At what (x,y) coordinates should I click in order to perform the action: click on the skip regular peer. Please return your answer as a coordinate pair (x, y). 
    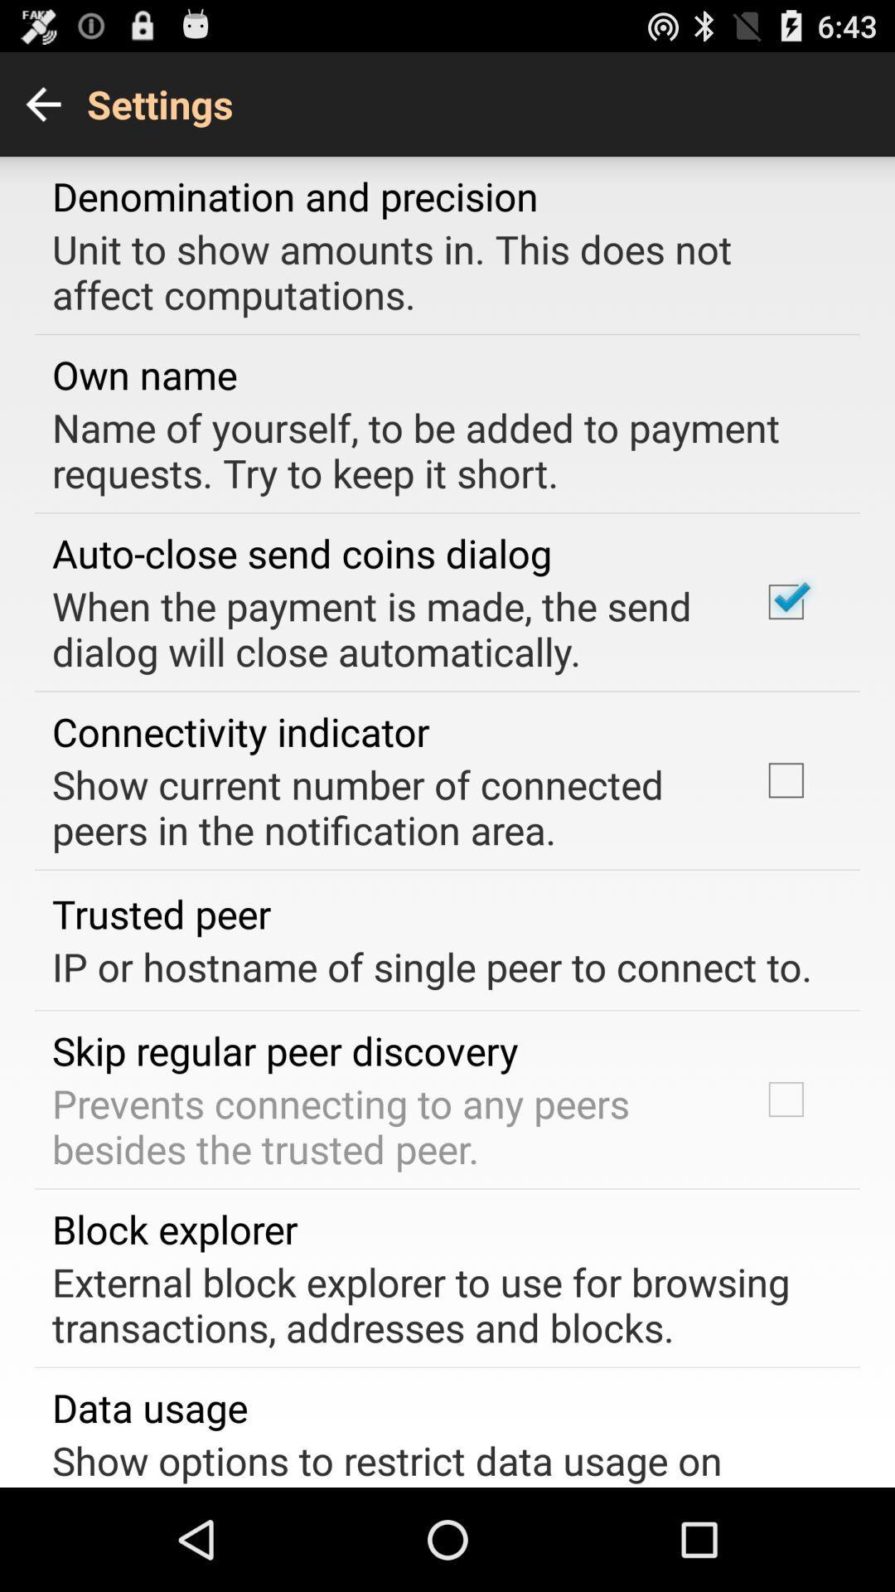
    Looking at the image, I should click on (284, 1050).